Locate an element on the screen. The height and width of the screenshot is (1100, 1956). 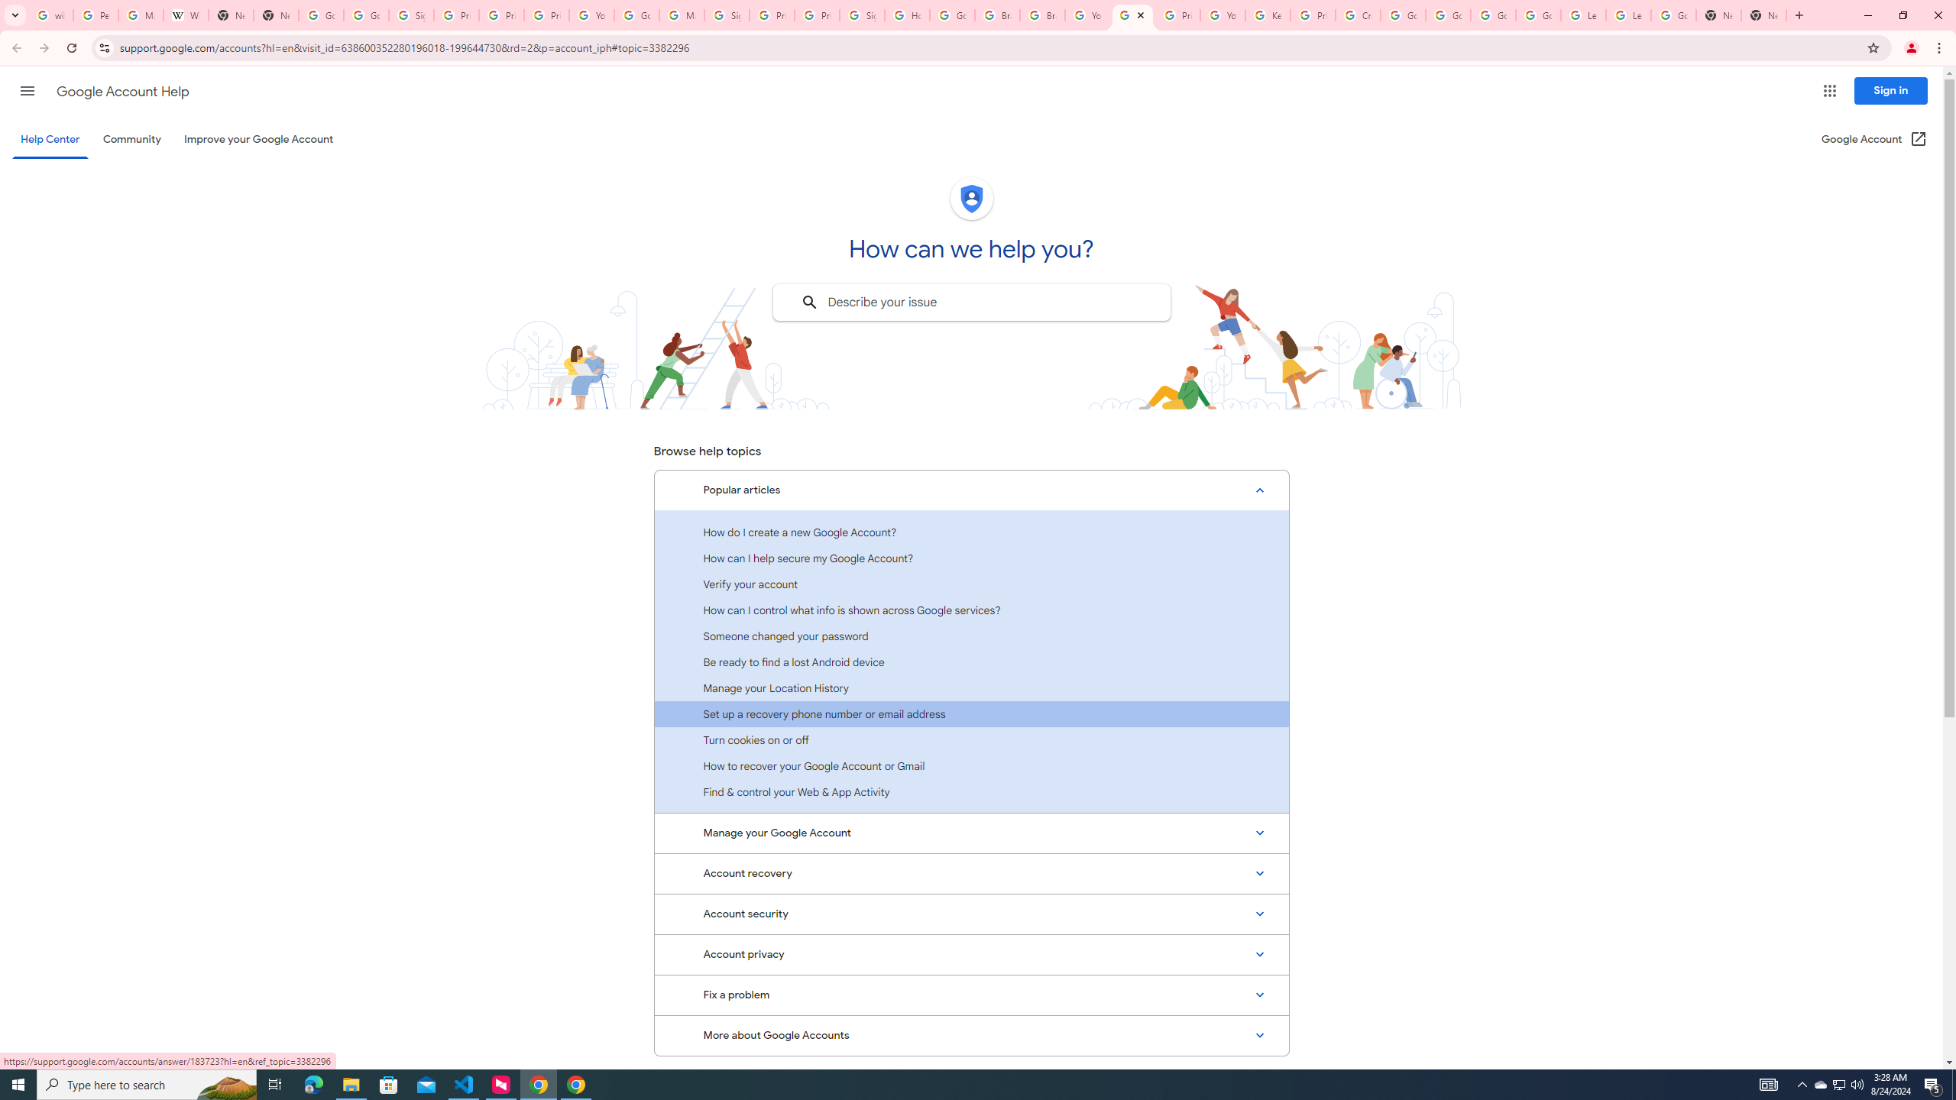
'More about Google Accounts' is located at coordinates (971, 1035).